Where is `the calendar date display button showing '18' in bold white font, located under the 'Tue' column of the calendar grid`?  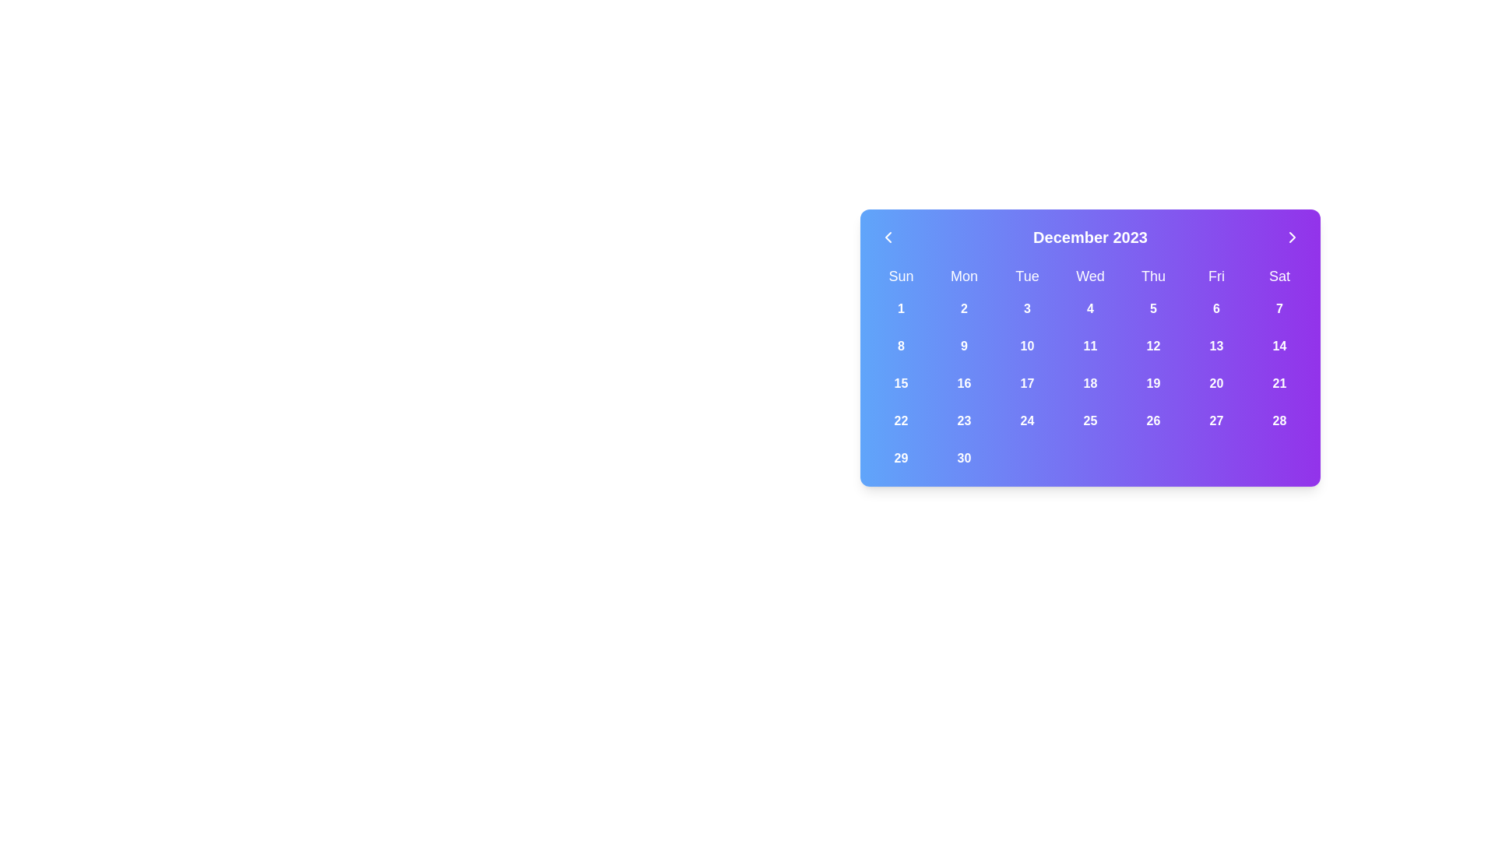
the calendar date display button showing '18' in bold white font, located under the 'Tue' column of the calendar grid is located at coordinates (1089, 384).